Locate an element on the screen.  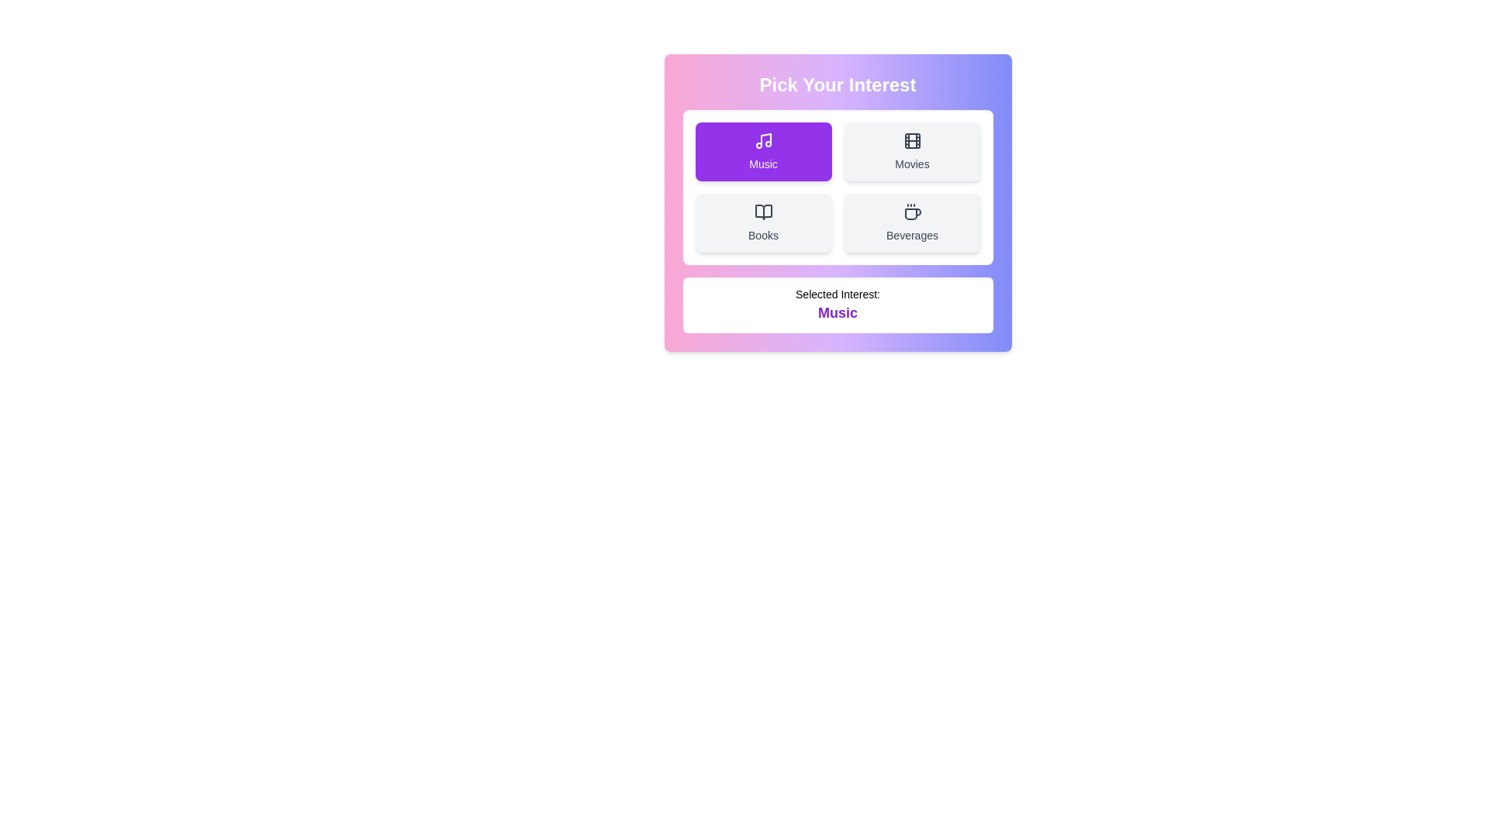
the button corresponding to the interest Movies is located at coordinates (912, 152).